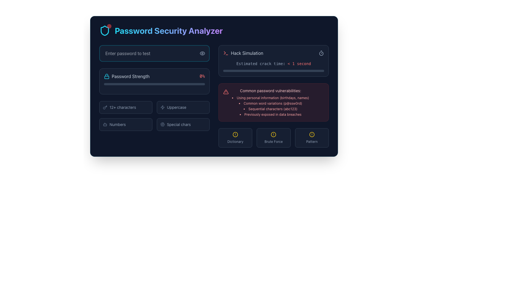 This screenshot has height=299, width=531. Describe the element at coordinates (106, 77) in the screenshot. I see `the rectangular graphical shape resembling a mini lock body, which is part of the lock icon located to the left of the 'Password Strength' text` at that location.